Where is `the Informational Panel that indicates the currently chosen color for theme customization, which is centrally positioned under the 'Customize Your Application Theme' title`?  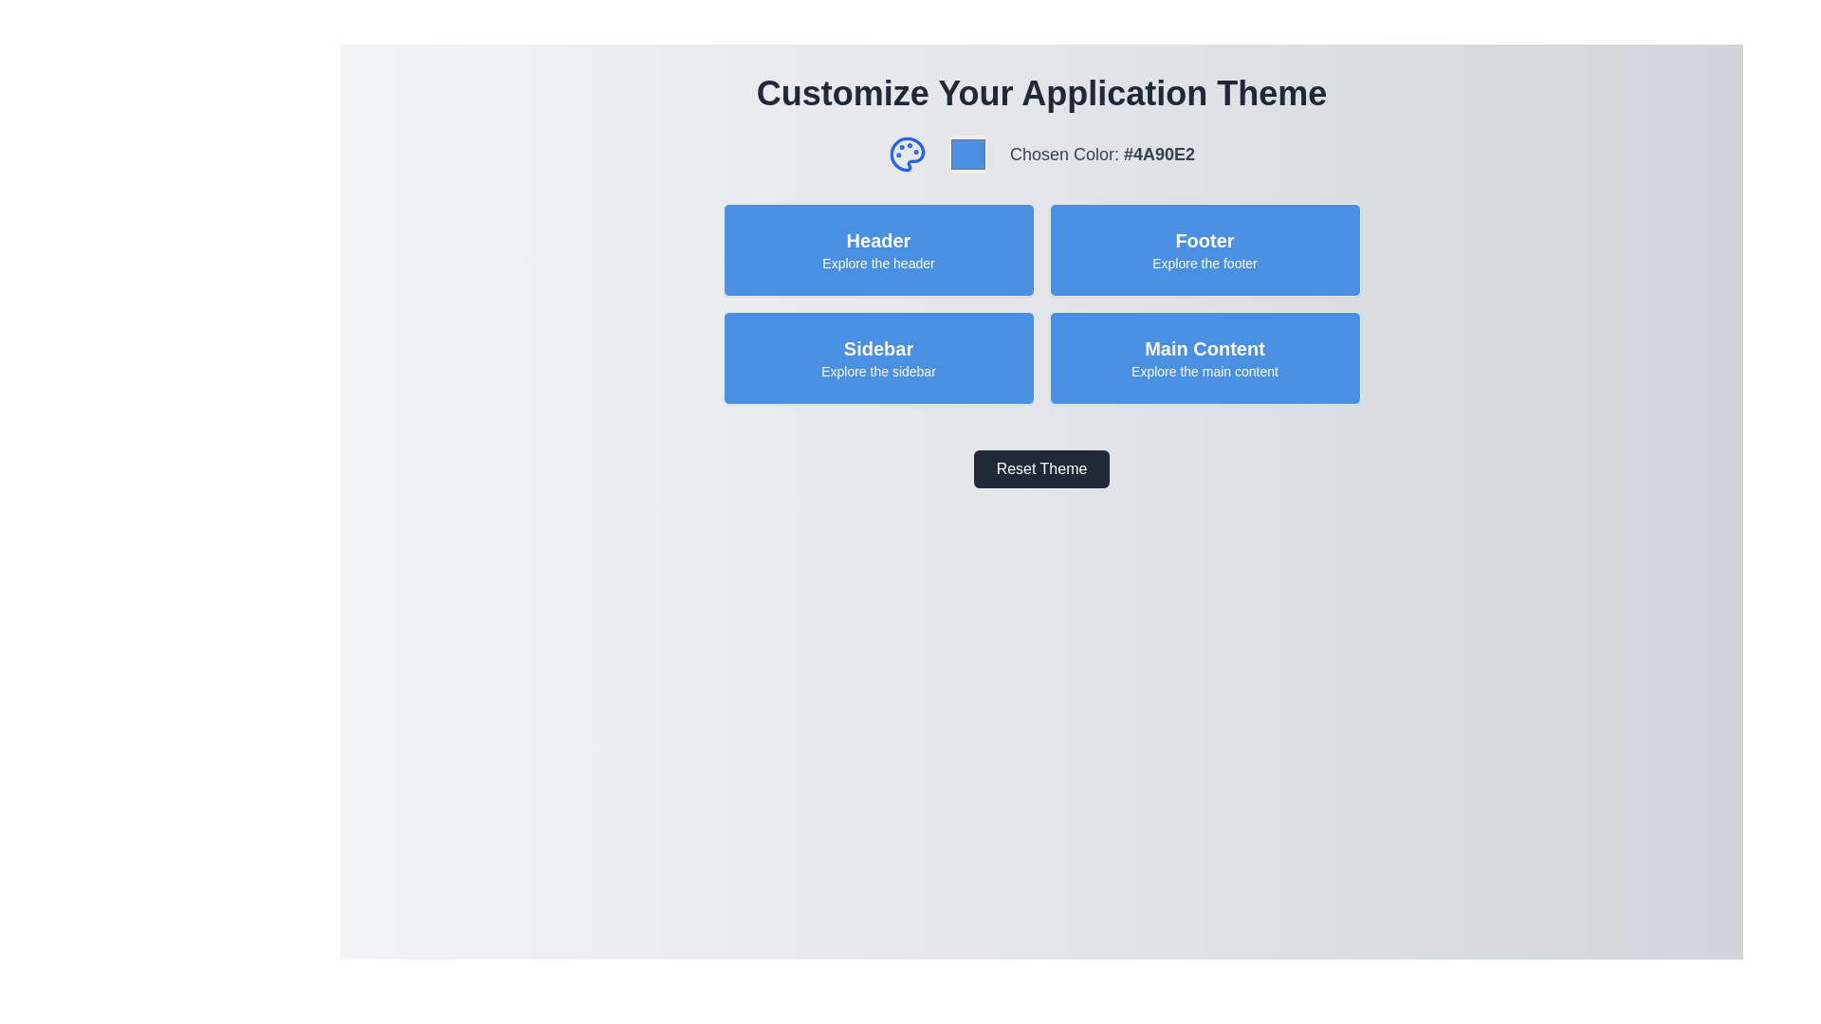 the Informational Panel that indicates the currently chosen color for theme customization, which is centrally positioned under the 'Customize Your Application Theme' title is located at coordinates (1040, 153).